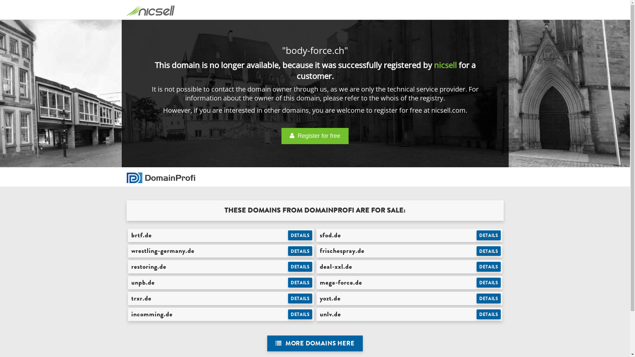 This screenshot has height=357, width=635. Describe the element at coordinates (300, 314) in the screenshot. I see `'DETAILS'` at that location.